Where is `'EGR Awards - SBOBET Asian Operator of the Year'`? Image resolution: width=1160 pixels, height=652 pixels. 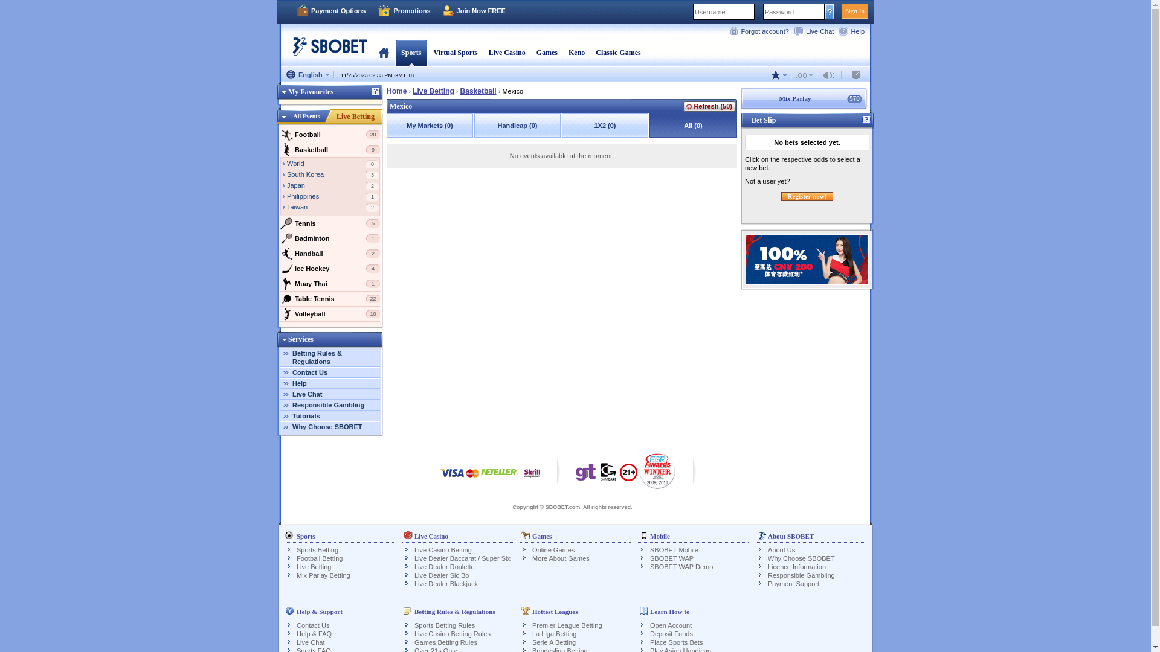
'EGR Awards - SBOBET Asian Operator of the Year' is located at coordinates (657, 470).